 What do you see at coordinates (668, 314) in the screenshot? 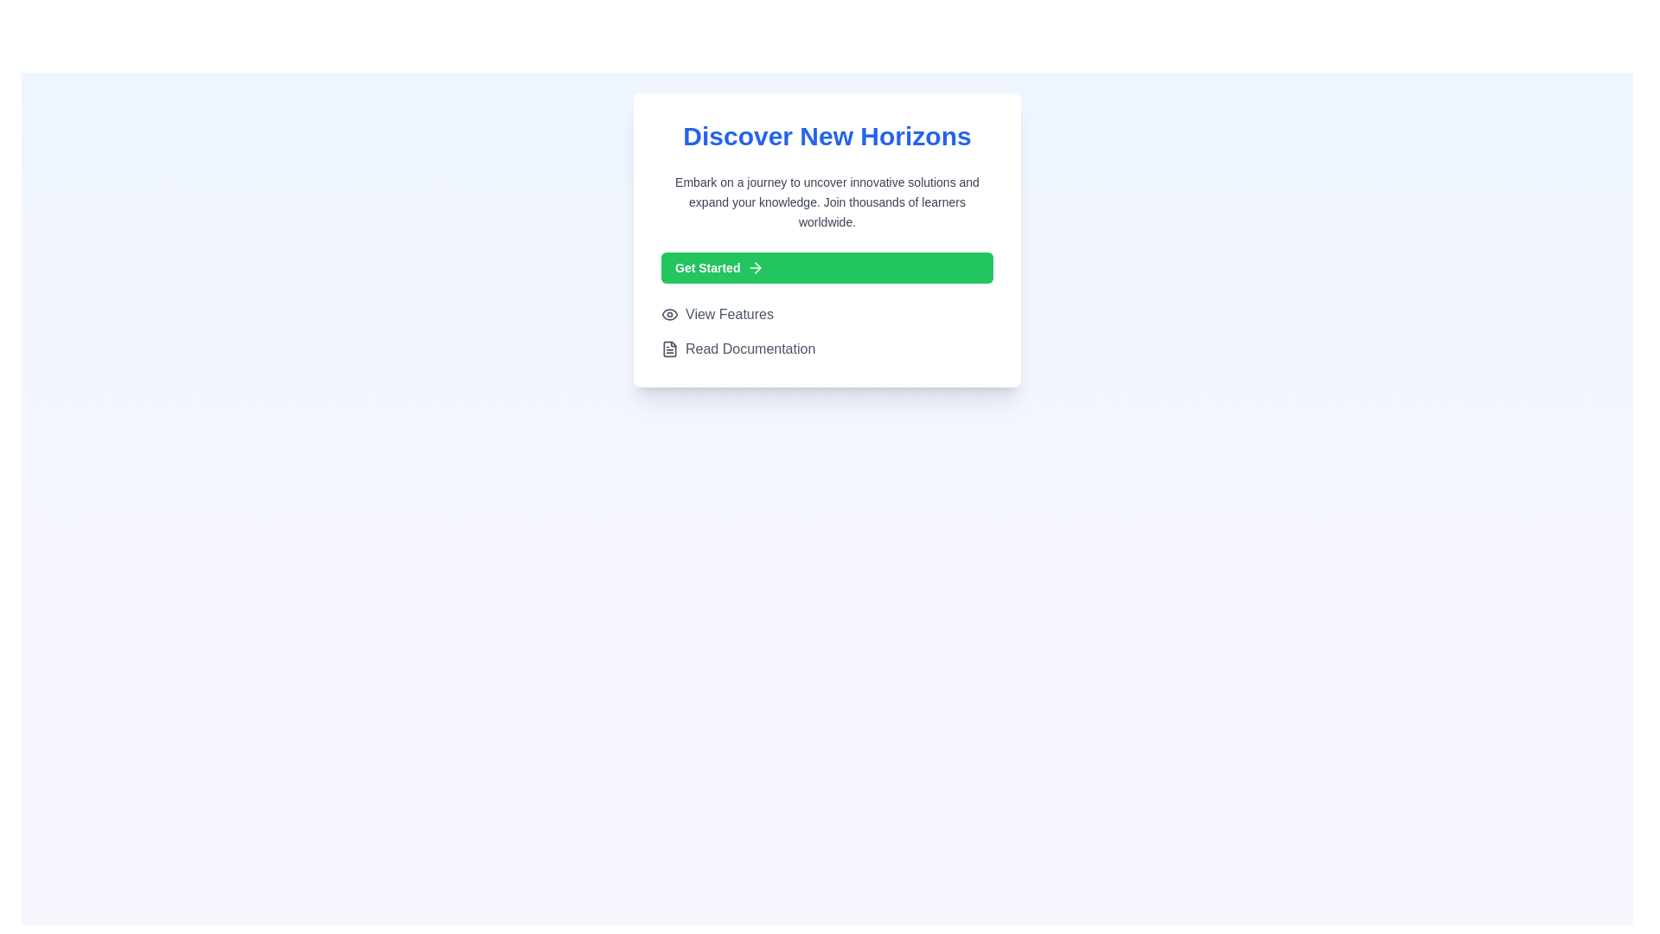
I see `the icon that visually complements the 'View Features' text, located in the lower-left section of the card, directly before the text label` at bounding box center [668, 314].